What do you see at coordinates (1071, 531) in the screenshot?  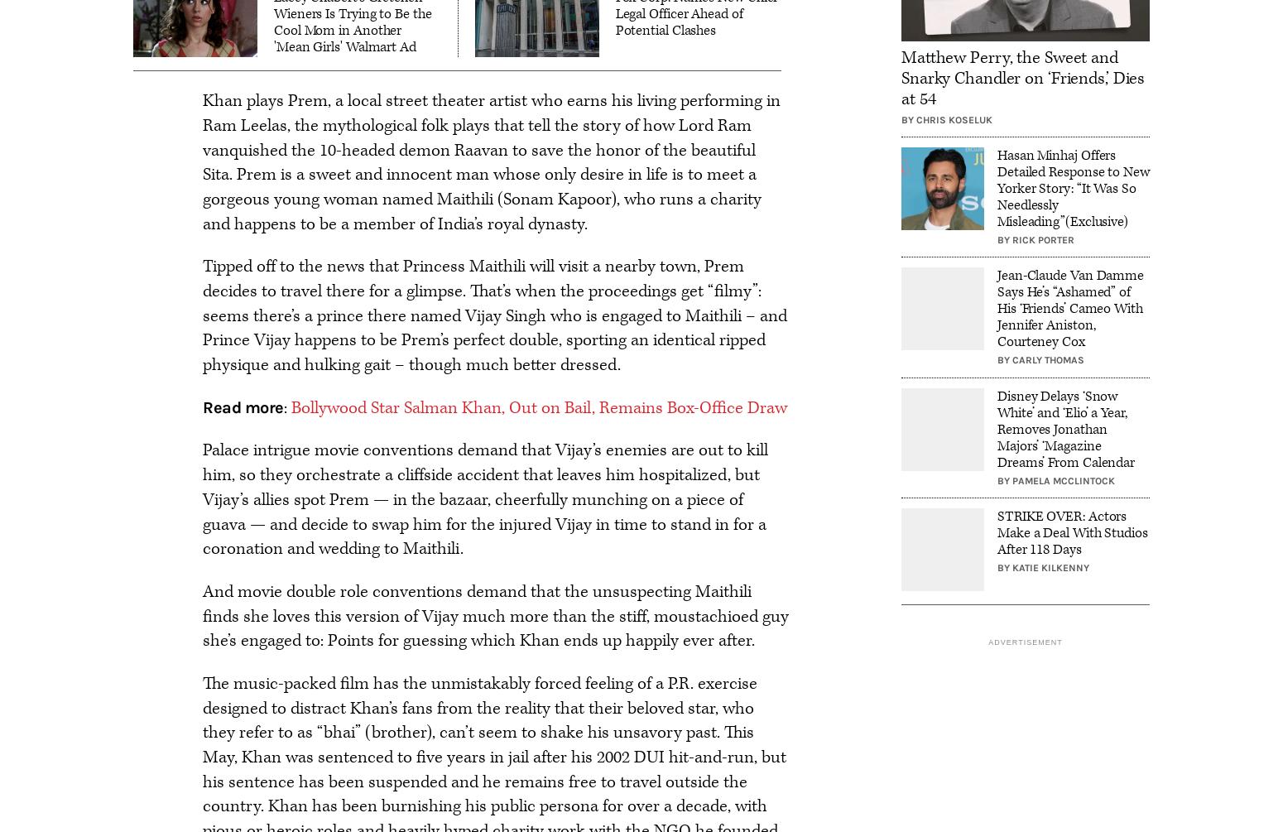 I see `'STRIKE OVER: Actors Make a Deal With Studios After 118 Days'` at bounding box center [1071, 531].